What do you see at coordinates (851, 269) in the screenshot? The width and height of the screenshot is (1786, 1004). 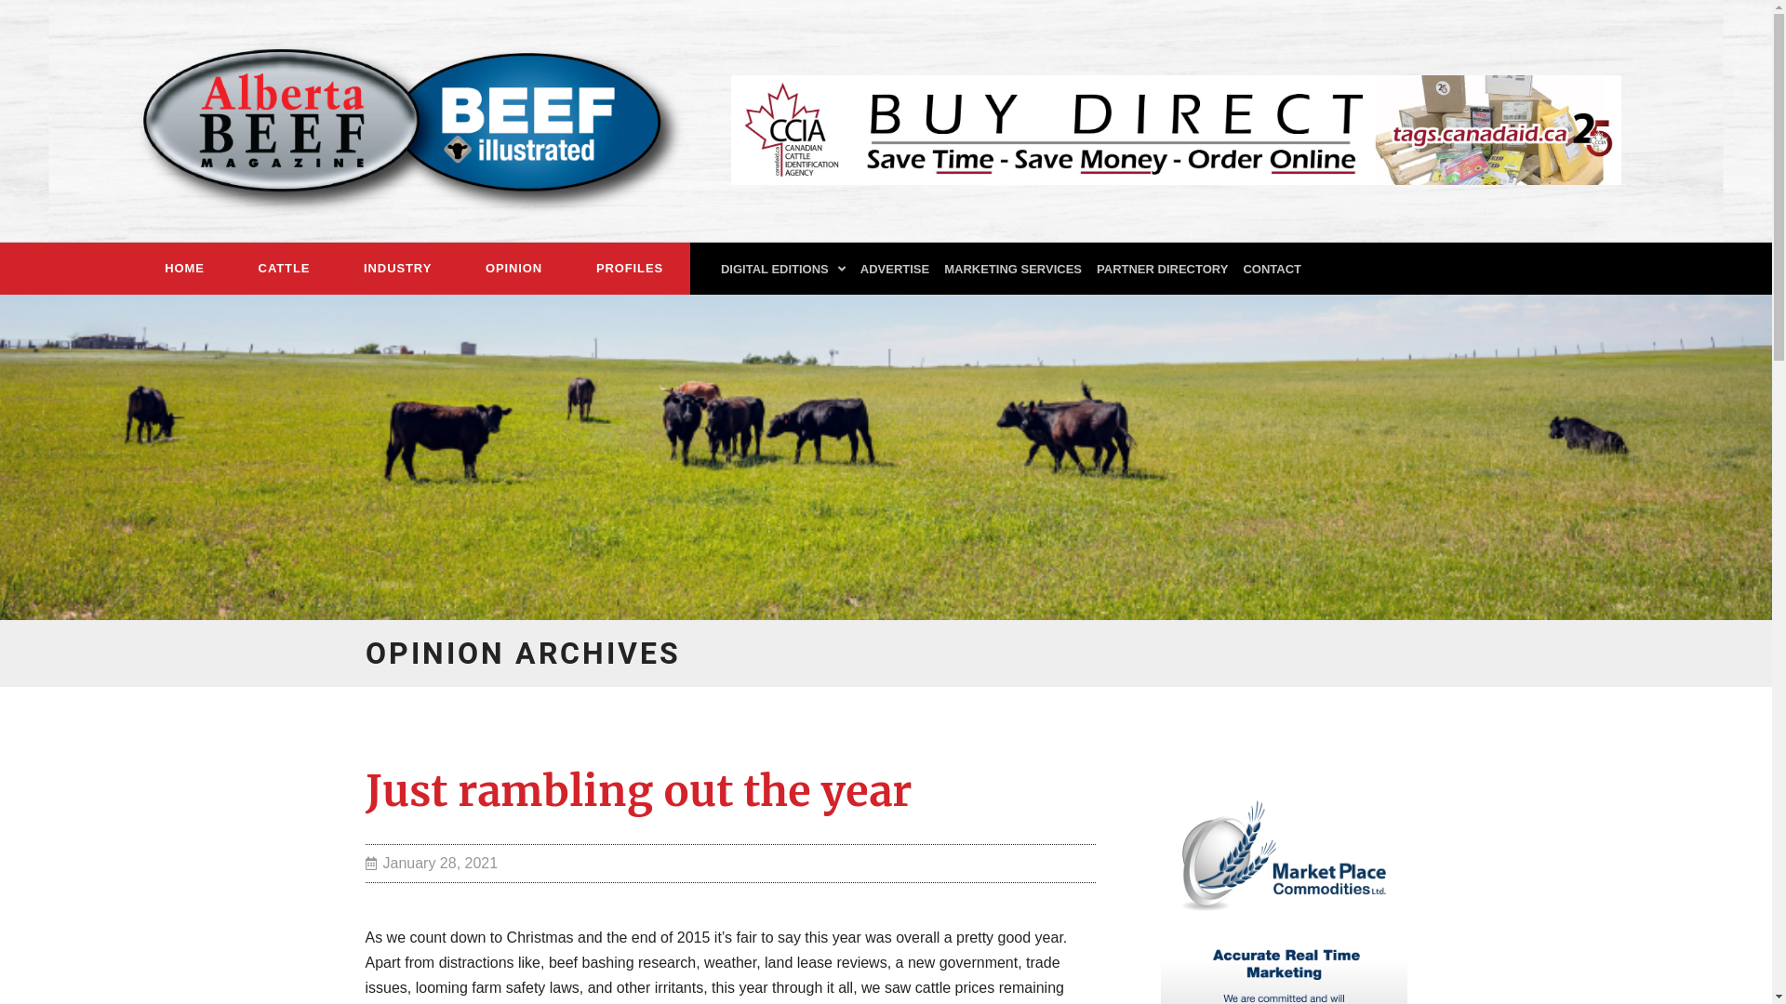 I see `'ADVERTISE'` at bounding box center [851, 269].